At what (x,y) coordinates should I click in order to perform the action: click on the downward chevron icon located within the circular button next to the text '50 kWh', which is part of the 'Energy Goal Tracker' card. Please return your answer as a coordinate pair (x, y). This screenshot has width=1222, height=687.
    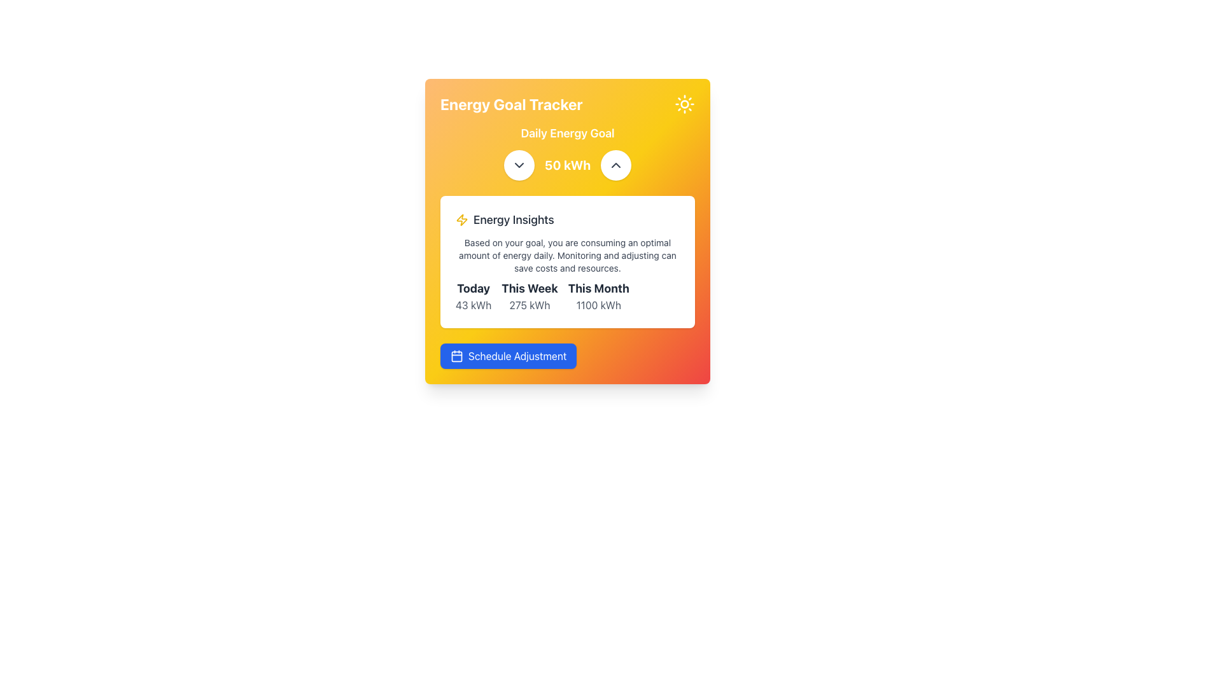
    Looking at the image, I should click on (519, 164).